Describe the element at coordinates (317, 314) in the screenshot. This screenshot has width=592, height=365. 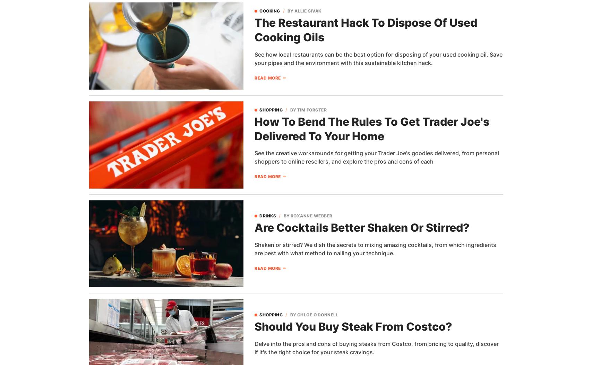
I see `'Chloe O'Donnell'` at that location.